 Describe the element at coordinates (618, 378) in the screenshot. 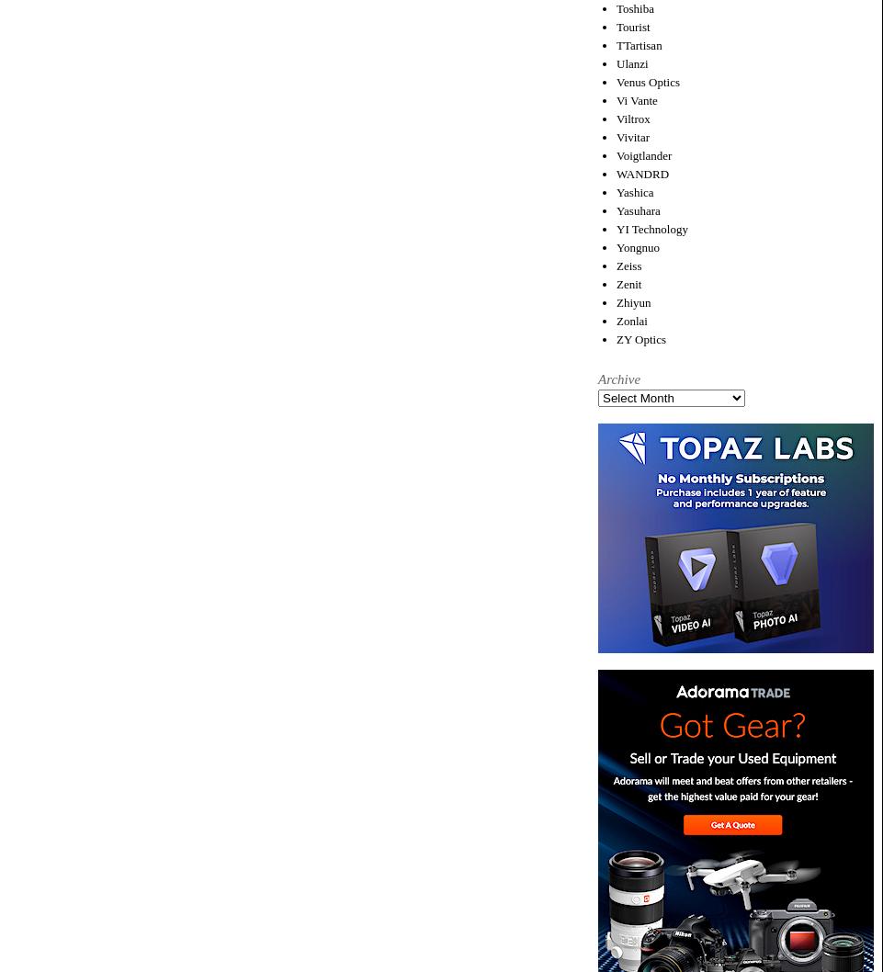

I see `'Archive'` at that location.